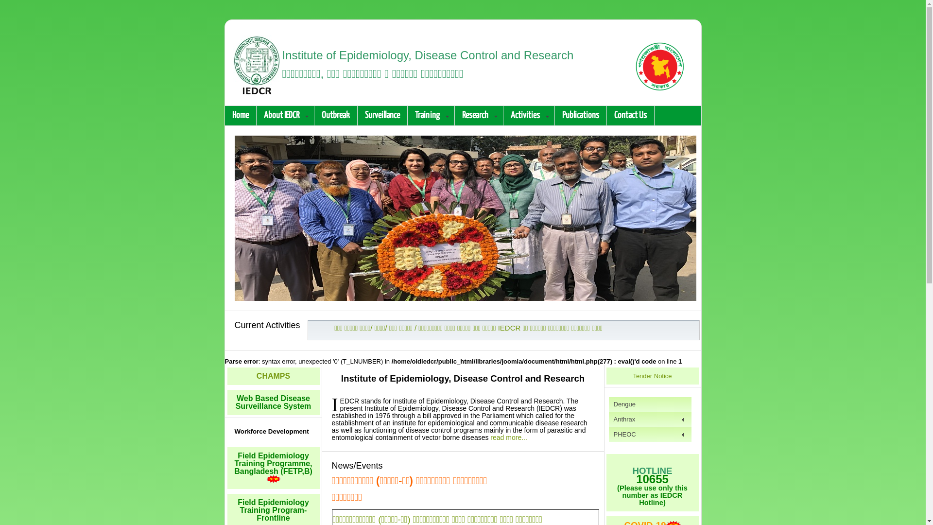  Describe the element at coordinates (508, 437) in the screenshot. I see `'read more...'` at that location.